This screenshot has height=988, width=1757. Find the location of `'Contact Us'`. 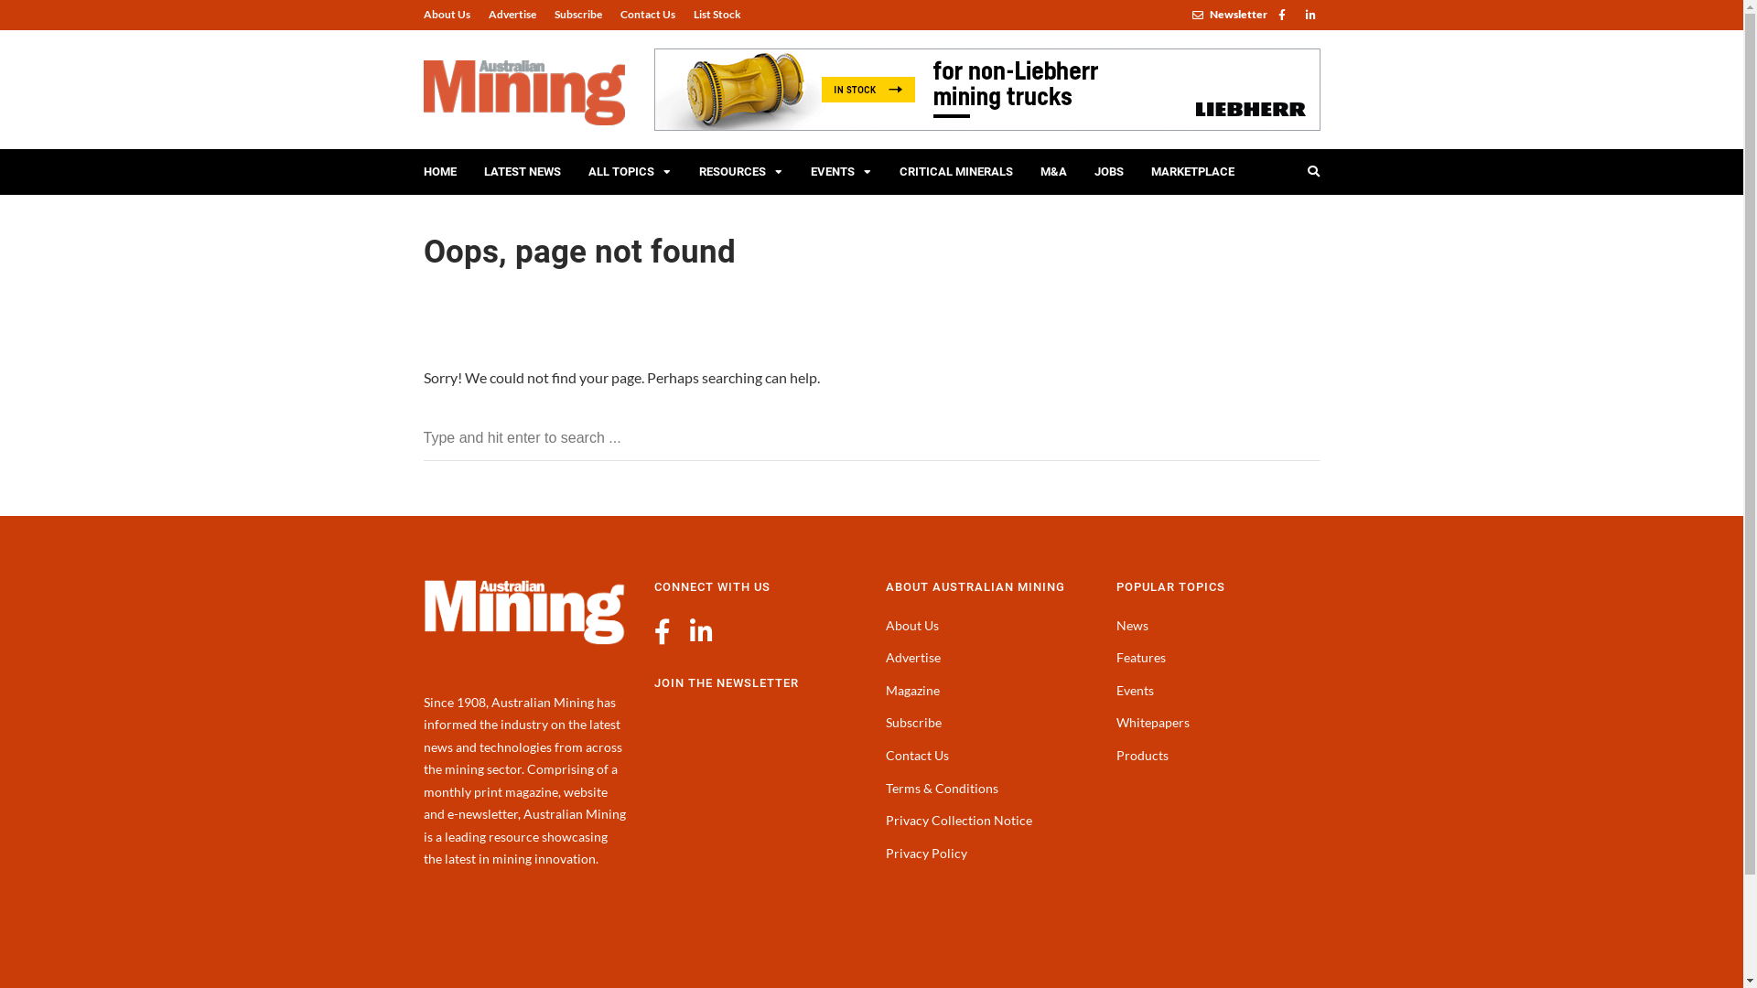

'Contact Us' is located at coordinates (610, 14).